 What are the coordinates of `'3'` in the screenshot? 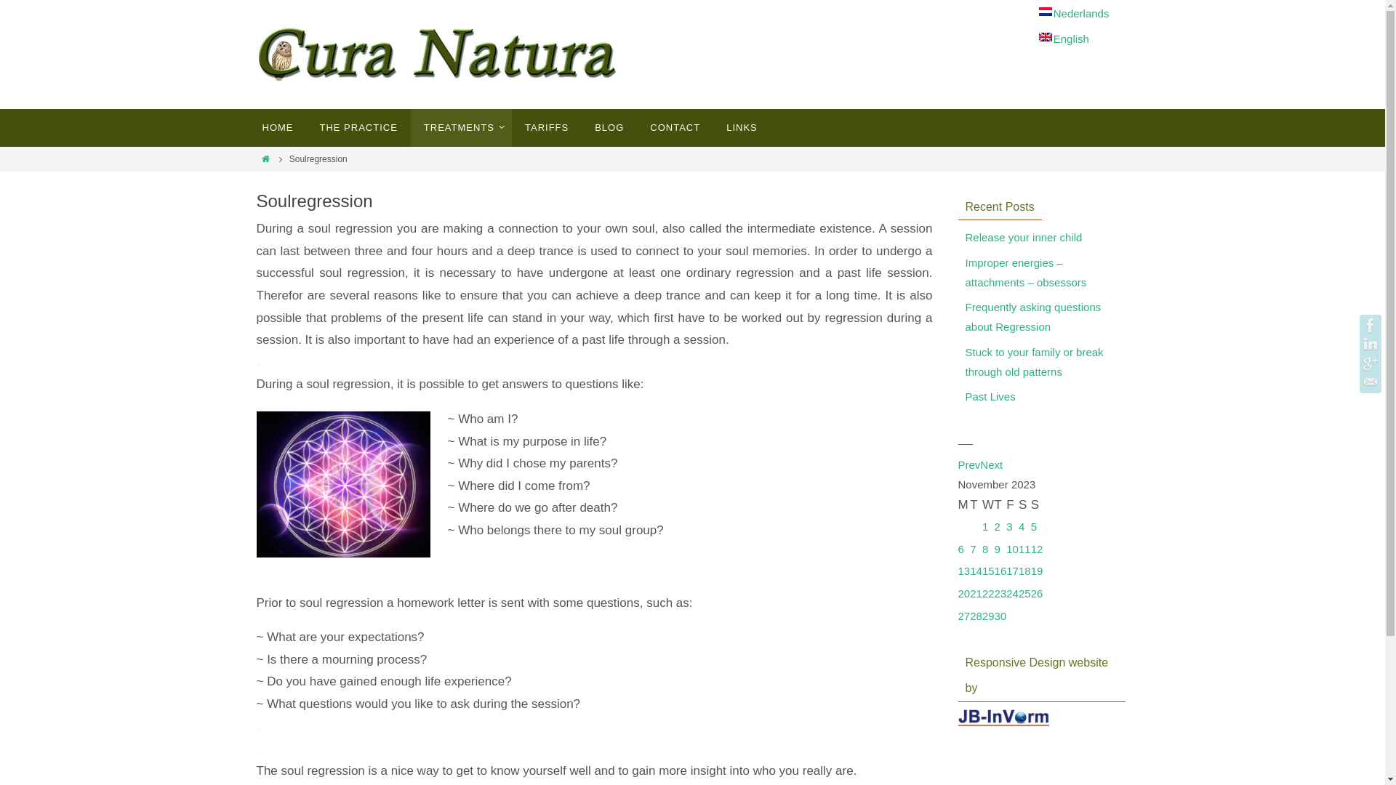 It's located at (1008, 527).